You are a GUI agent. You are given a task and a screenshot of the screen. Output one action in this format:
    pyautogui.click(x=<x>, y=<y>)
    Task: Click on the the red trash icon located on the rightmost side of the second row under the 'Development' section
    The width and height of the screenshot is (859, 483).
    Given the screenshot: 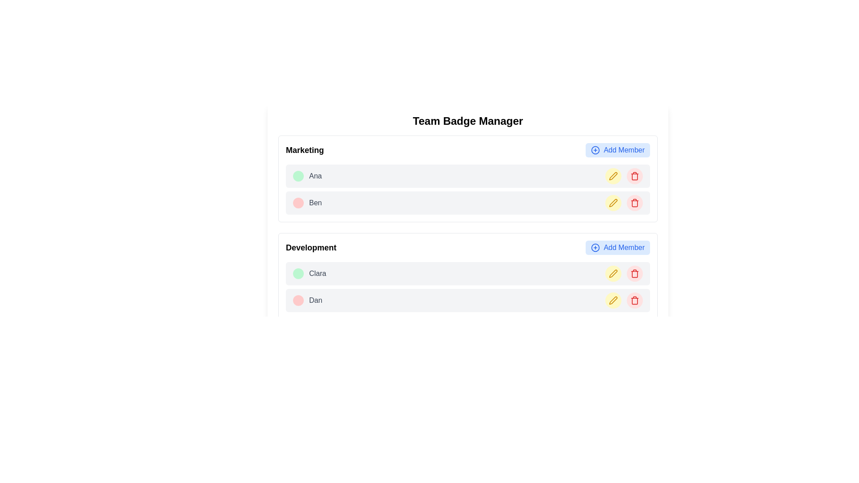 What is the action you would take?
    pyautogui.click(x=634, y=273)
    